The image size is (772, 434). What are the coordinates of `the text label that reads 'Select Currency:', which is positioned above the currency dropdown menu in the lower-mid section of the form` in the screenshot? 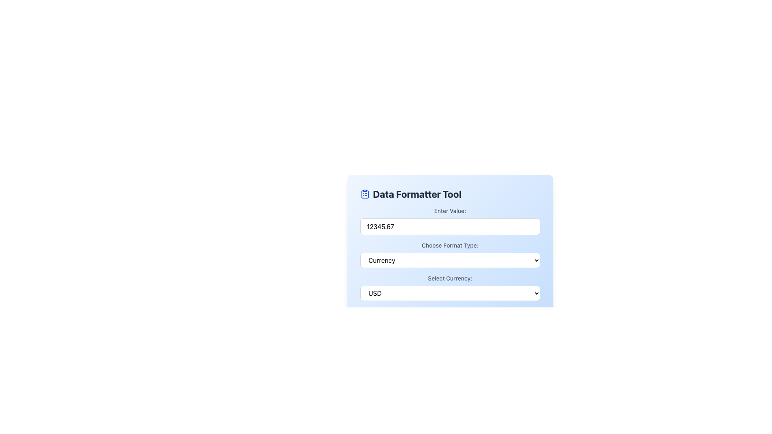 It's located at (450, 278).